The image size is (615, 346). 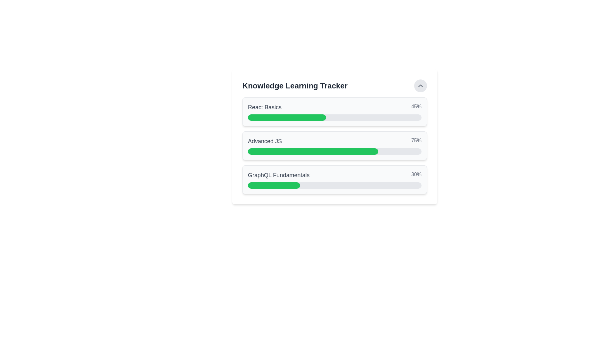 What do you see at coordinates (265, 141) in the screenshot?
I see `the 'Advanced JS' text label in the Knowledge Learning Tracker, located between 'React Basics' and 'GraphQL Fundamentals'` at bounding box center [265, 141].